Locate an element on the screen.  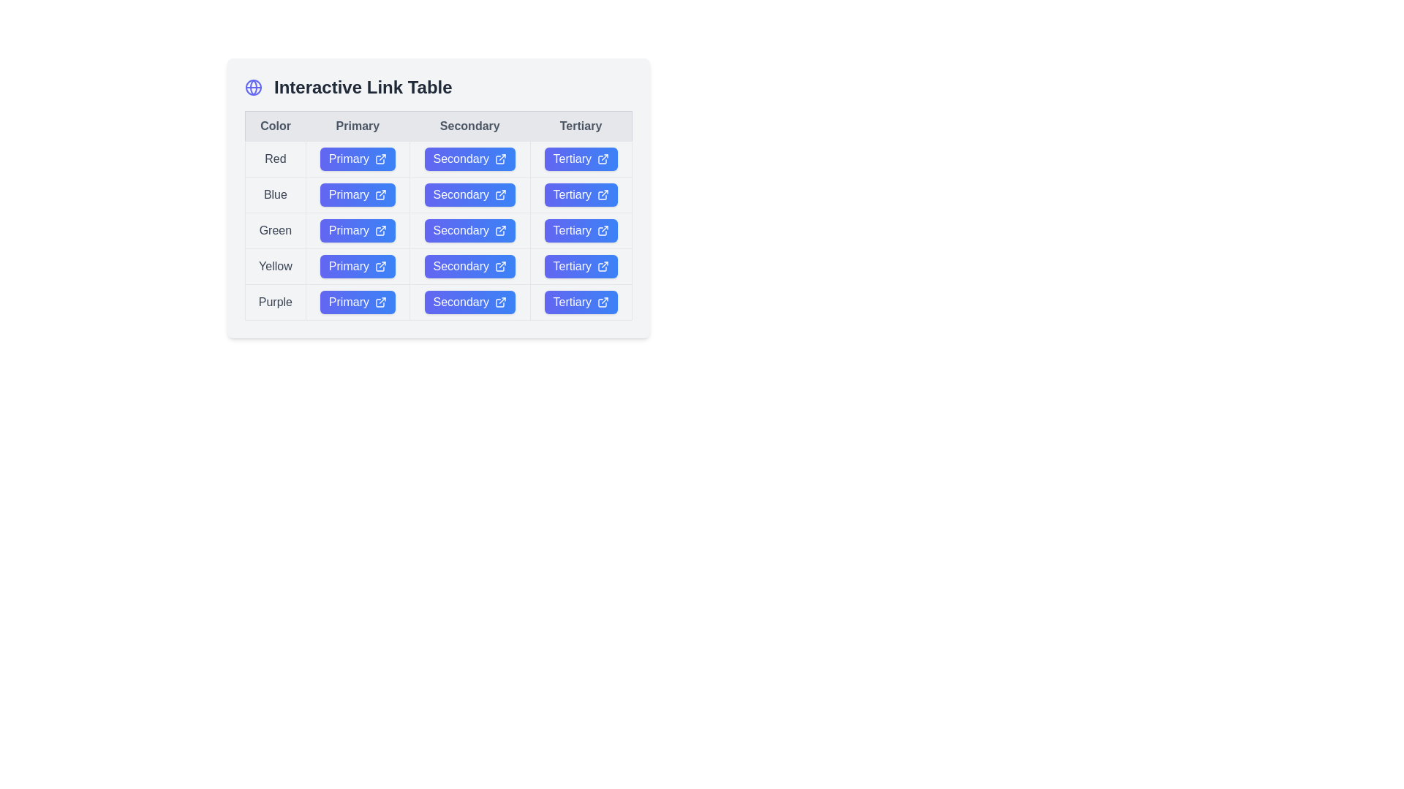
the visual cue icon located in the rightmost column of the 'Tertiary' button in the last row labeled 'Purple', indicating an external link or resource is located at coordinates (603, 267).